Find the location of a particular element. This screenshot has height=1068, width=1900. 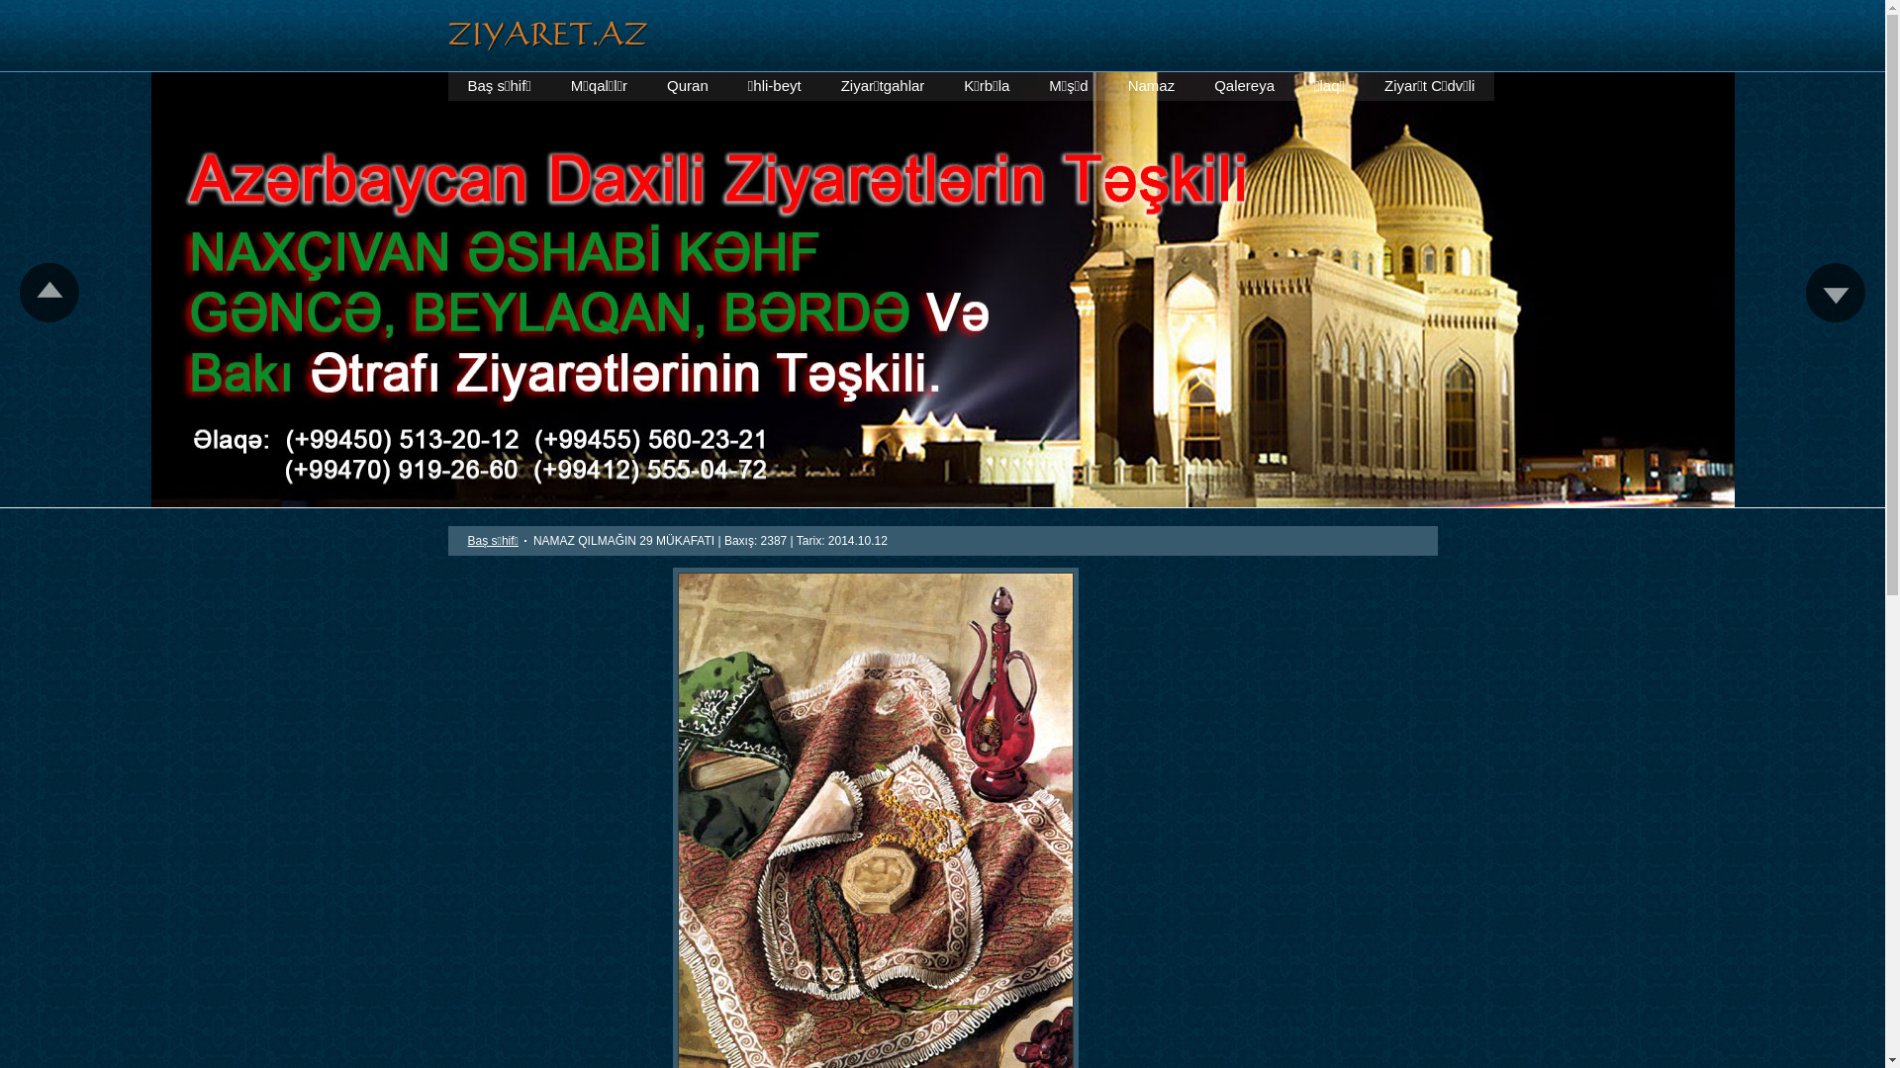

'Qalereya' is located at coordinates (1243, 85).